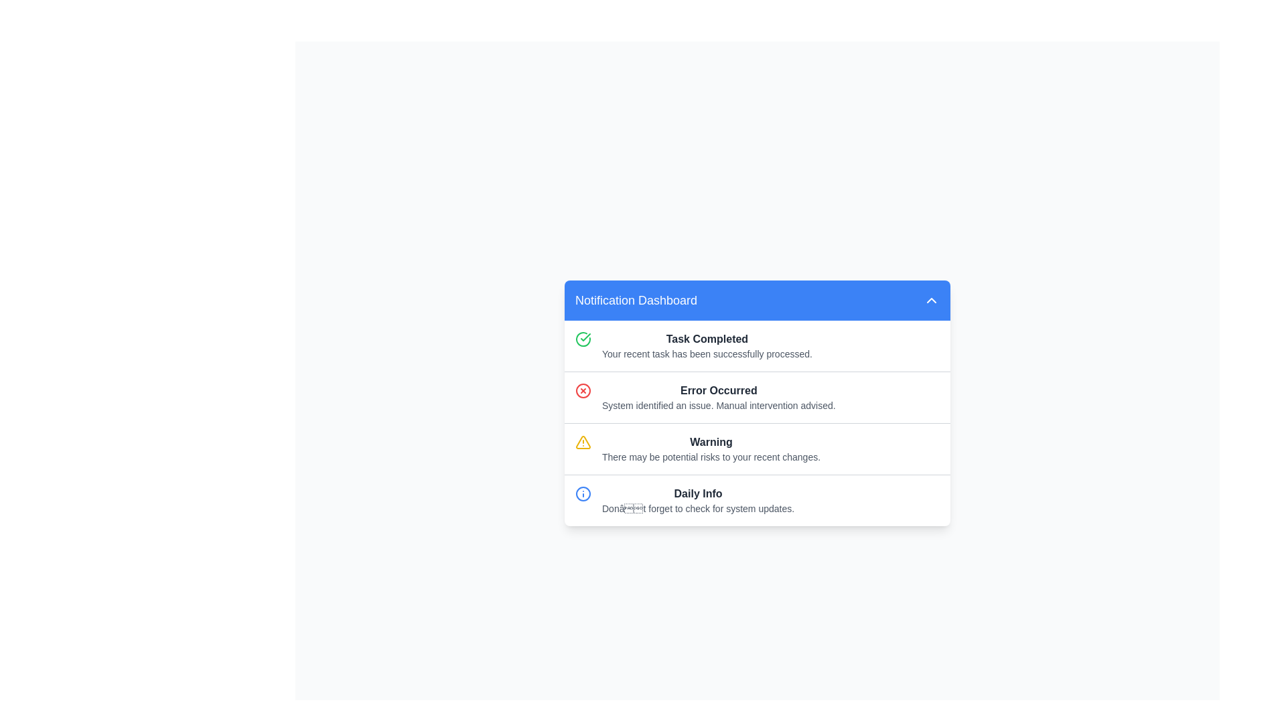 Image resolution: width=1286 pixels, height=723 pixels. I want to click on SVG circle element that is part of the information icon, located in the lower-right section of the interface next to the 'Daily Info' notification, so click(583, 493).